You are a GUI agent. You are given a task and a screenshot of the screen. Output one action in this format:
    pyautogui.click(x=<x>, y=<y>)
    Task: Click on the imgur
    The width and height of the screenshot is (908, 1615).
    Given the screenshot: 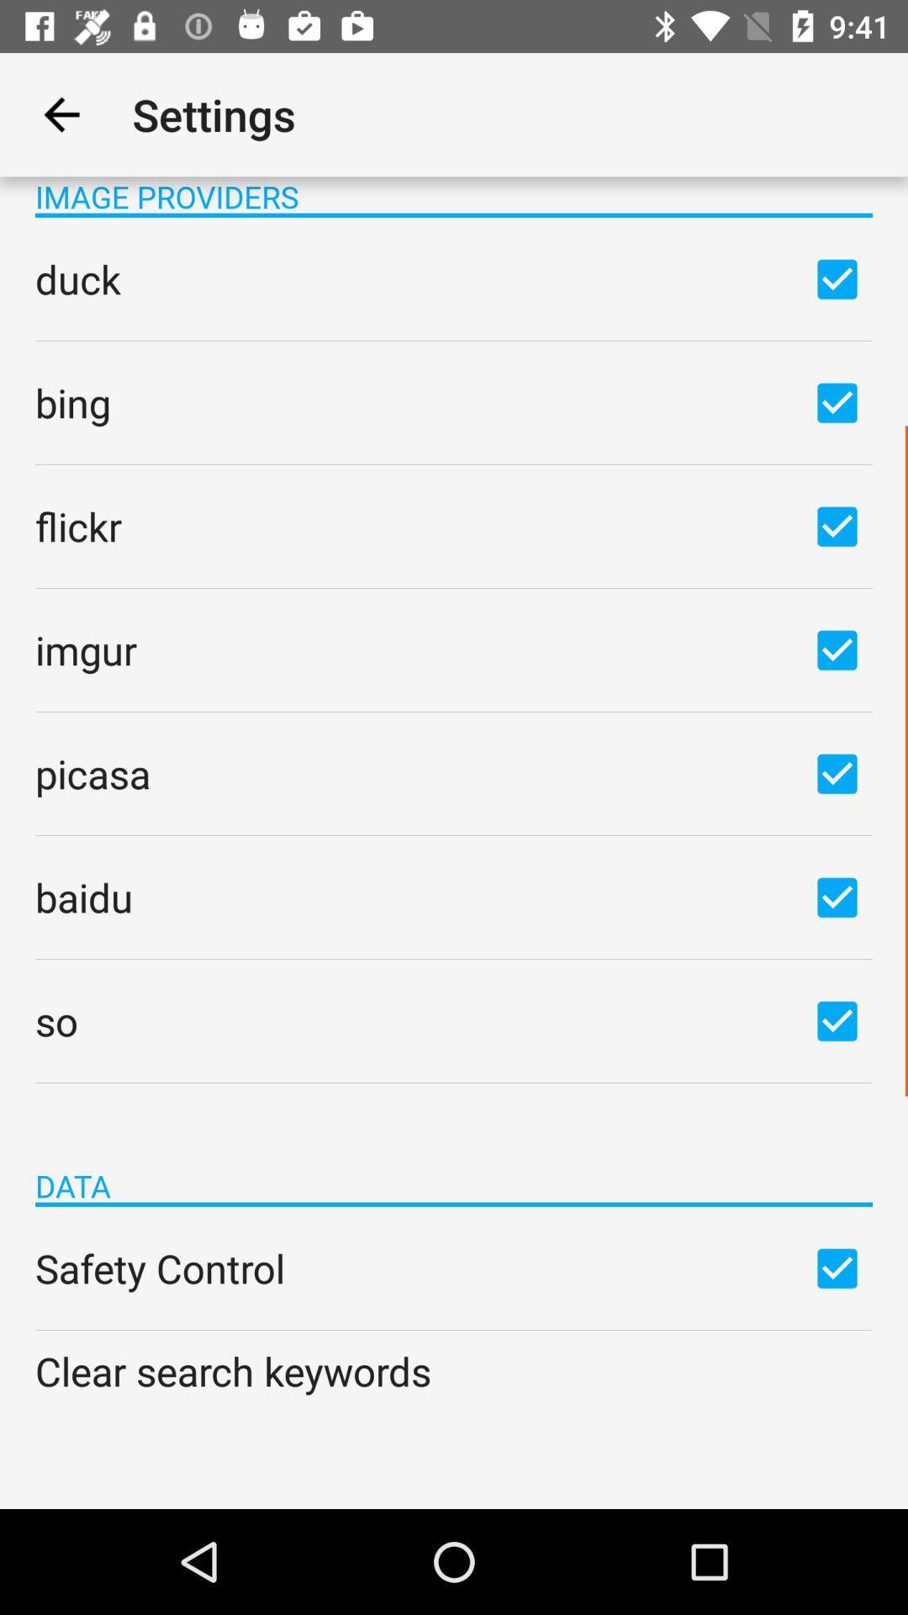 What is the action you would take?
    pyautogui.click(x=837, y=649)
    